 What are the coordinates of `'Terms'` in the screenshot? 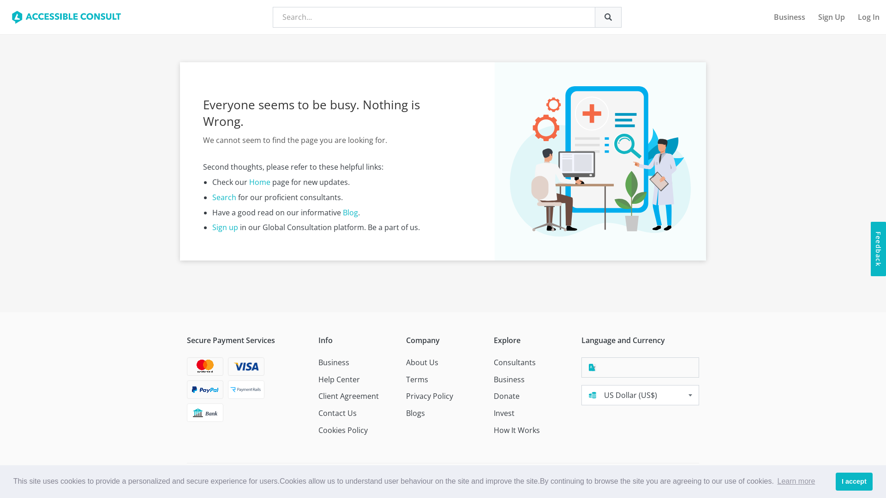 It's located at (416, 379).